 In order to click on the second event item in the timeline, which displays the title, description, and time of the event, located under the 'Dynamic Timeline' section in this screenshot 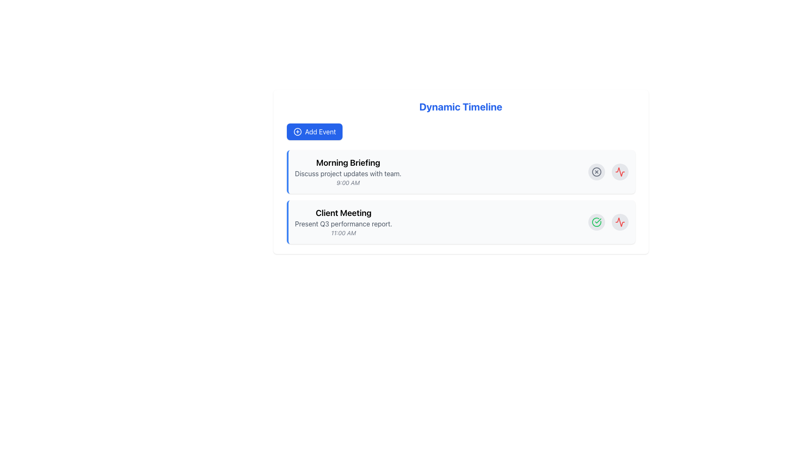, I will do `click(343, 222)`.